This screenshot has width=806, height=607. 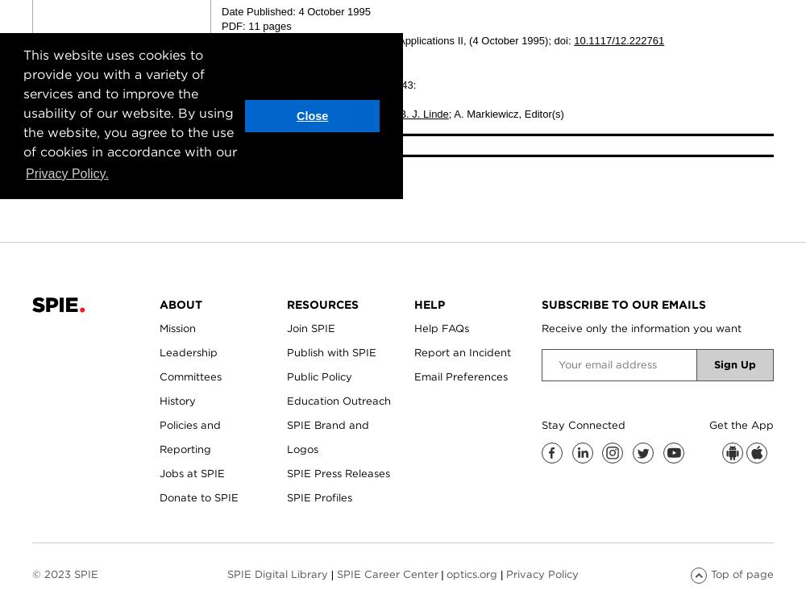 I want to click on 'Education Outreach', so click(x=339, y=399).